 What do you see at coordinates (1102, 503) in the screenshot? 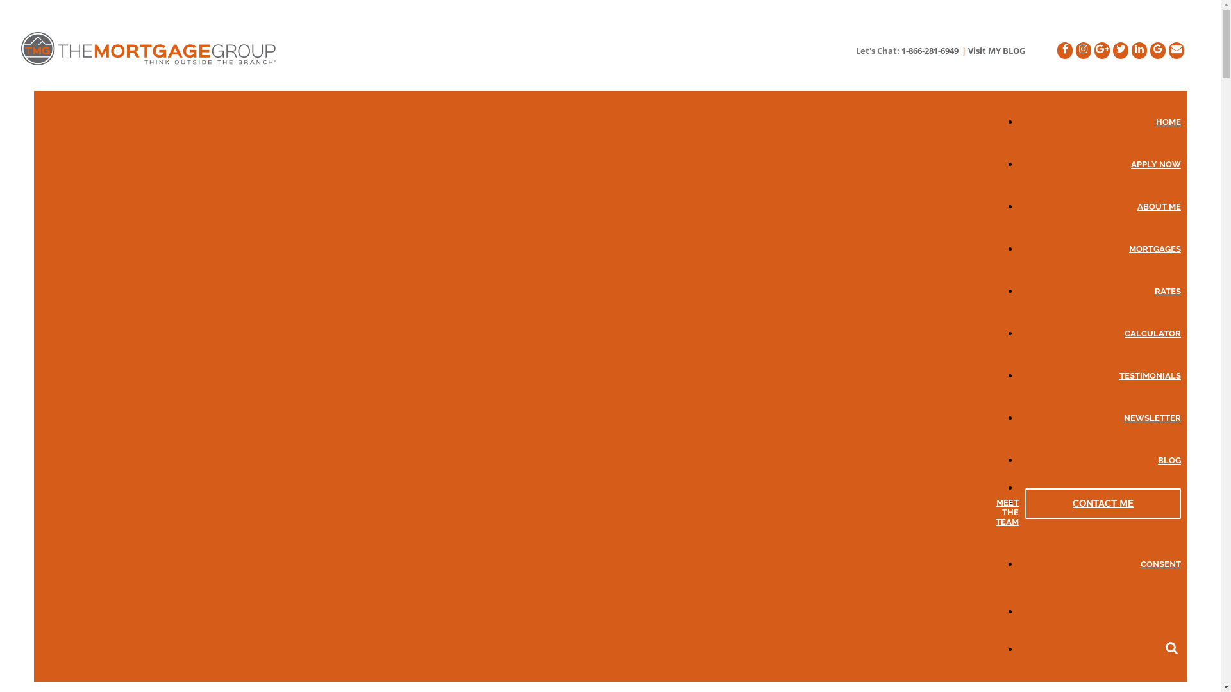
I see `'CONTACT ME'` at bounding box center [1102, 503].